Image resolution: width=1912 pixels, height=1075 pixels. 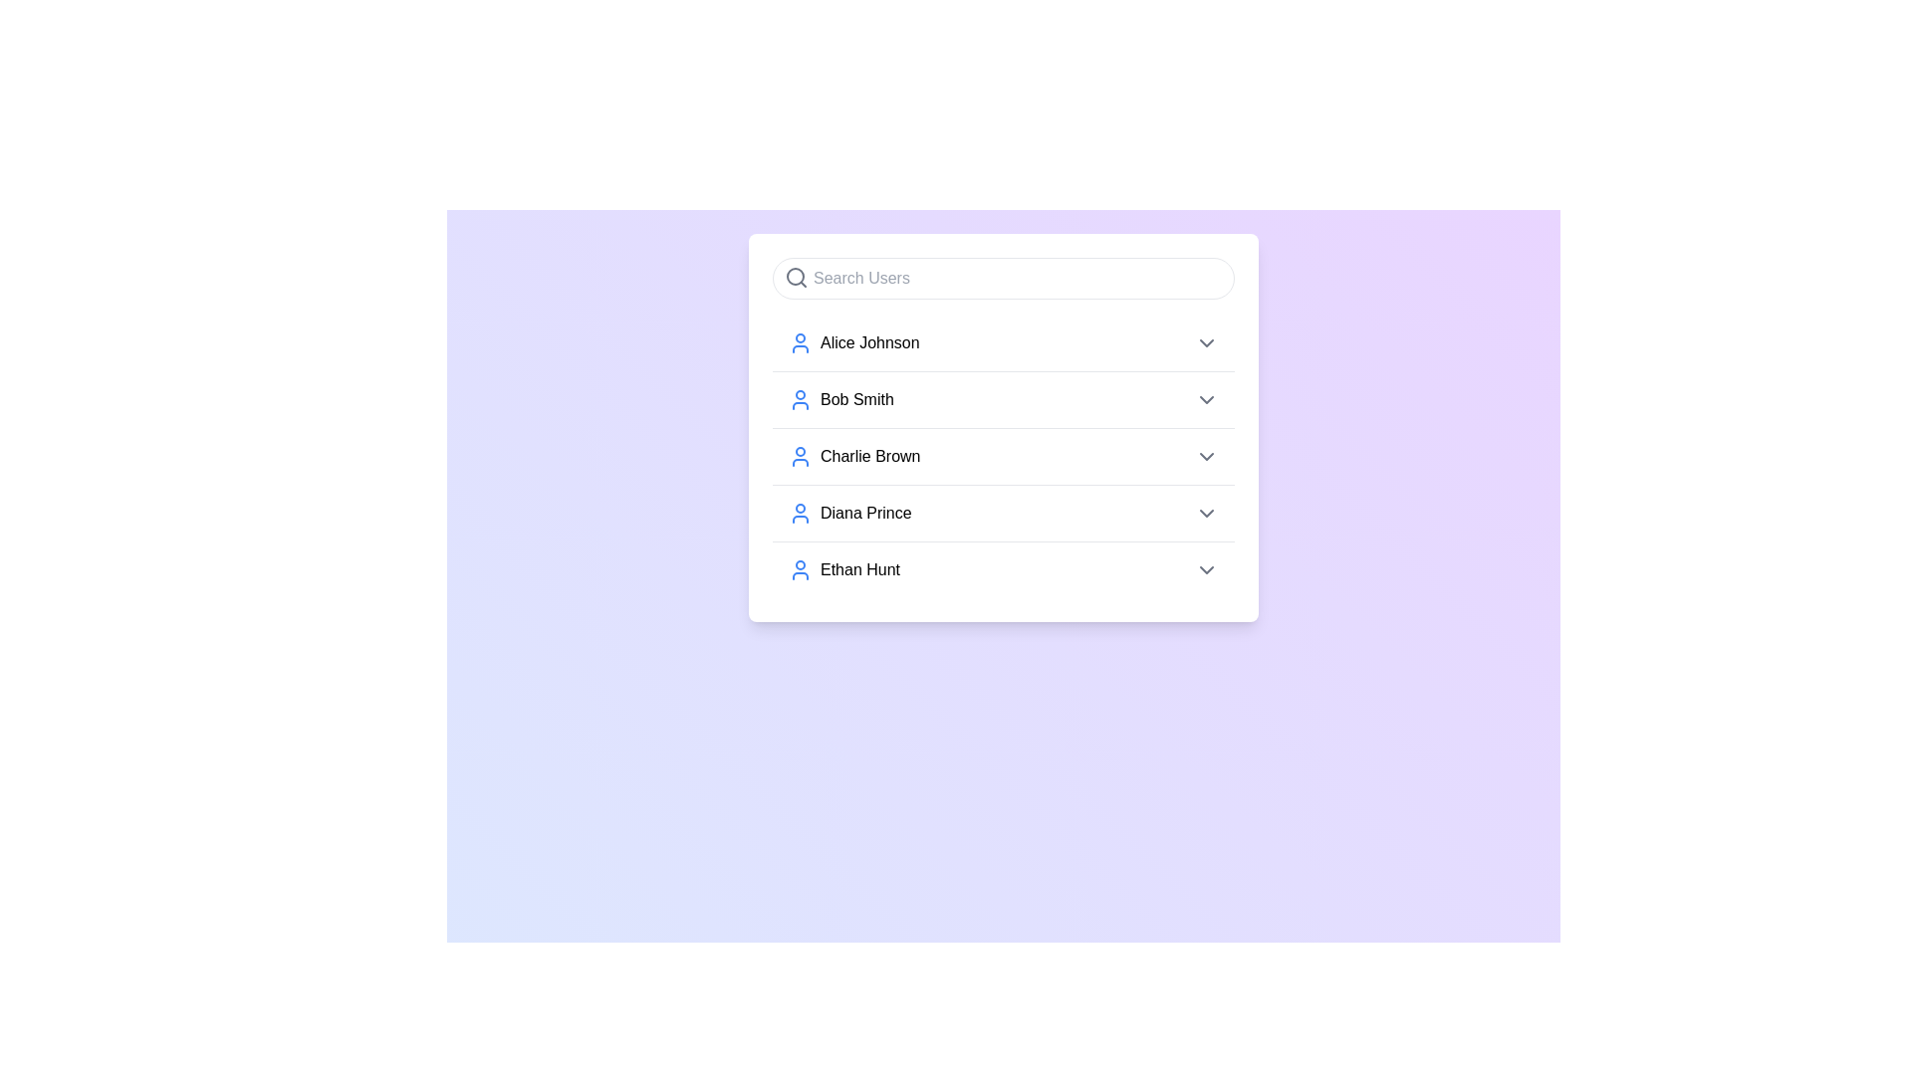 What do you see at coordinates (853, 341) in the screenshot?
I see `on the user selection item for 'Alice Johnson' in the dropdown menu` at bounding box center [853, 341].